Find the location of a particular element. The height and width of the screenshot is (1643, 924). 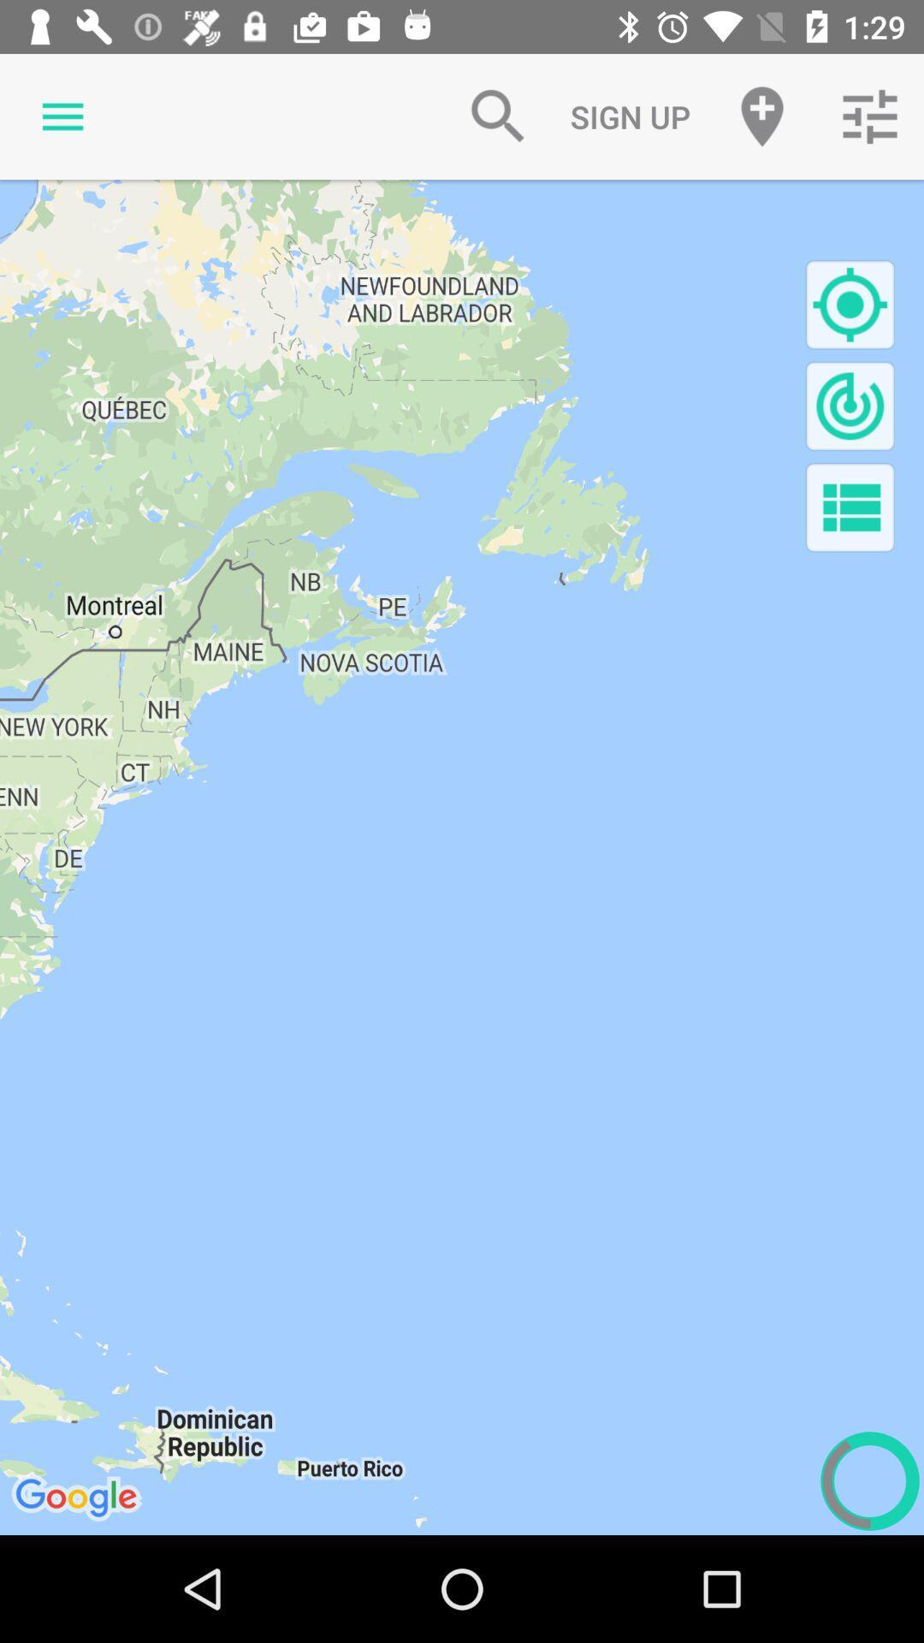

the item next to the sign up item is located at coordinates (498, 116).